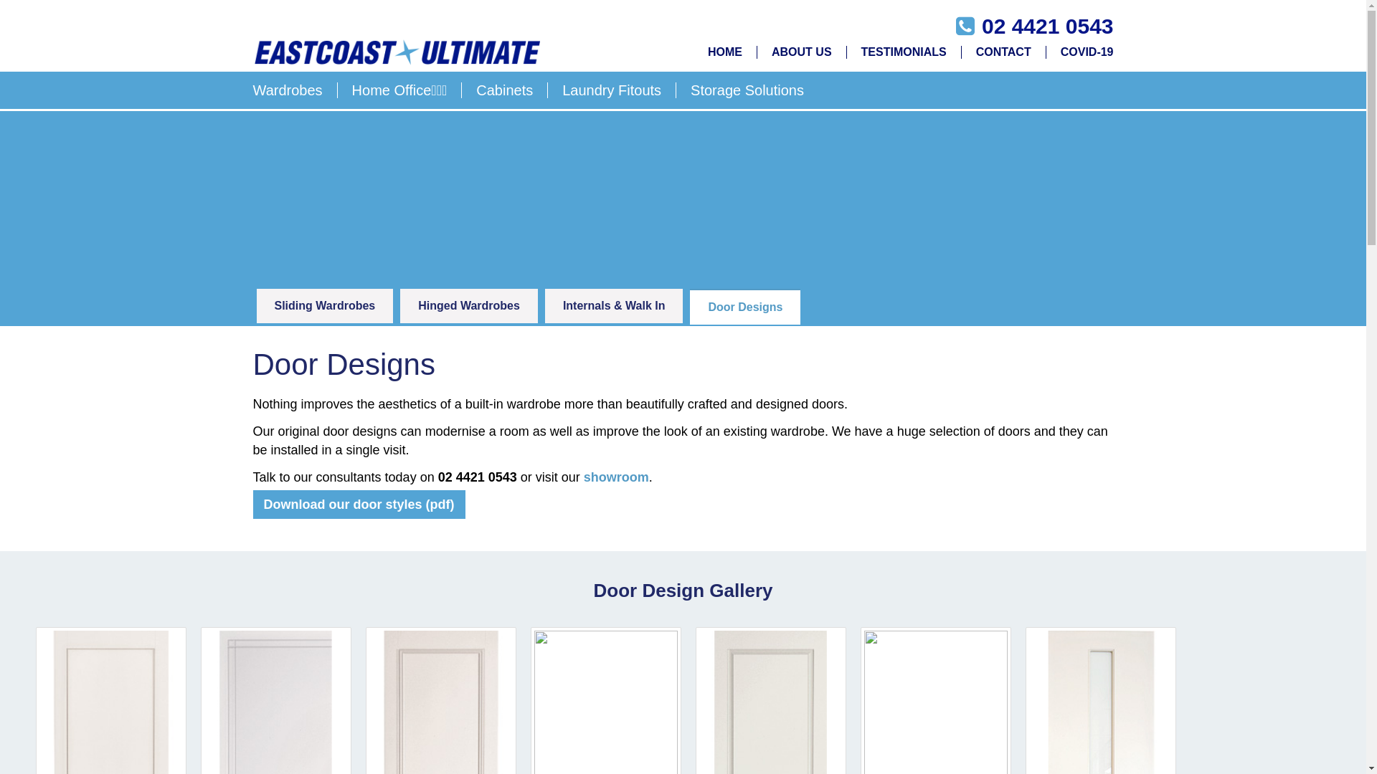 The height and width of the screenshot is (774, 1377). Describe the element at coordinates (1003, 52) in the screenshot. I see `'CONTACT'` at that location.